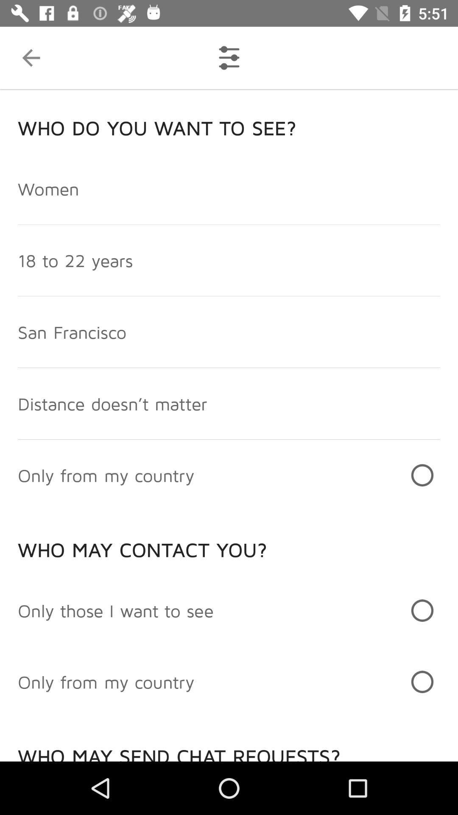 The image size is (458, 815). Describe the element at coordinates (75, 260) in the screenshot. I see `the 18 to 22 item` at that location.